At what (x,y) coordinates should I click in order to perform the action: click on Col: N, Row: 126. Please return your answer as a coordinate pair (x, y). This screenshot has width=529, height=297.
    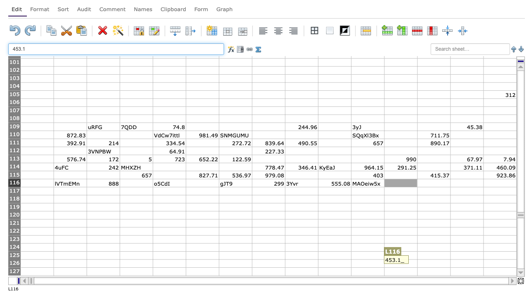
    Looking at the image, I should click on (467, 263).